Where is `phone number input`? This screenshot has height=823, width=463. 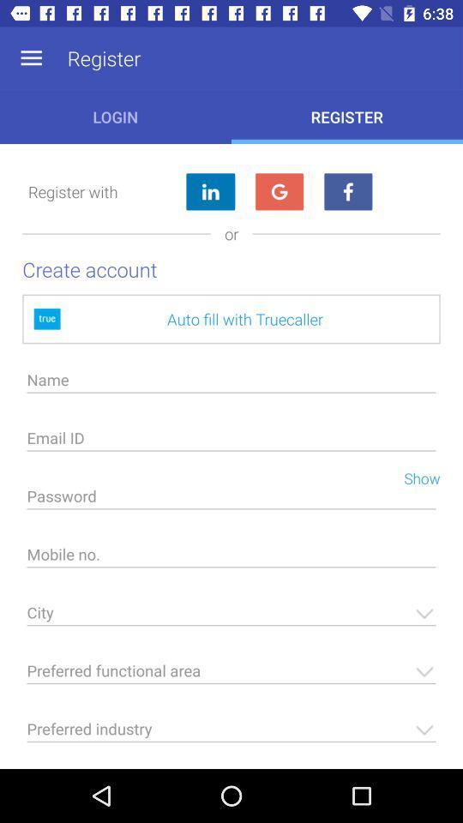
phone number input is located at coordinates (231, 558).